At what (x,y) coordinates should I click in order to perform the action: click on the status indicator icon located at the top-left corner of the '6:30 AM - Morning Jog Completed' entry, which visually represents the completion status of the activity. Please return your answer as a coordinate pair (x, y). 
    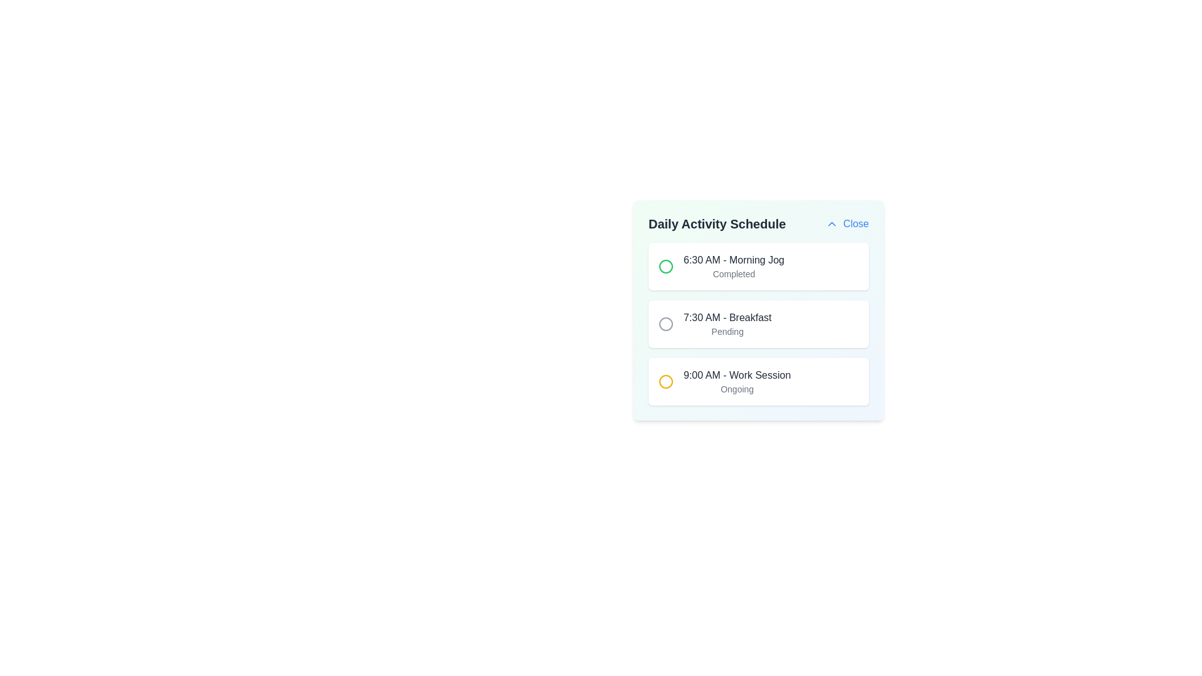
    Looking at the image, I should click on (665, 265).